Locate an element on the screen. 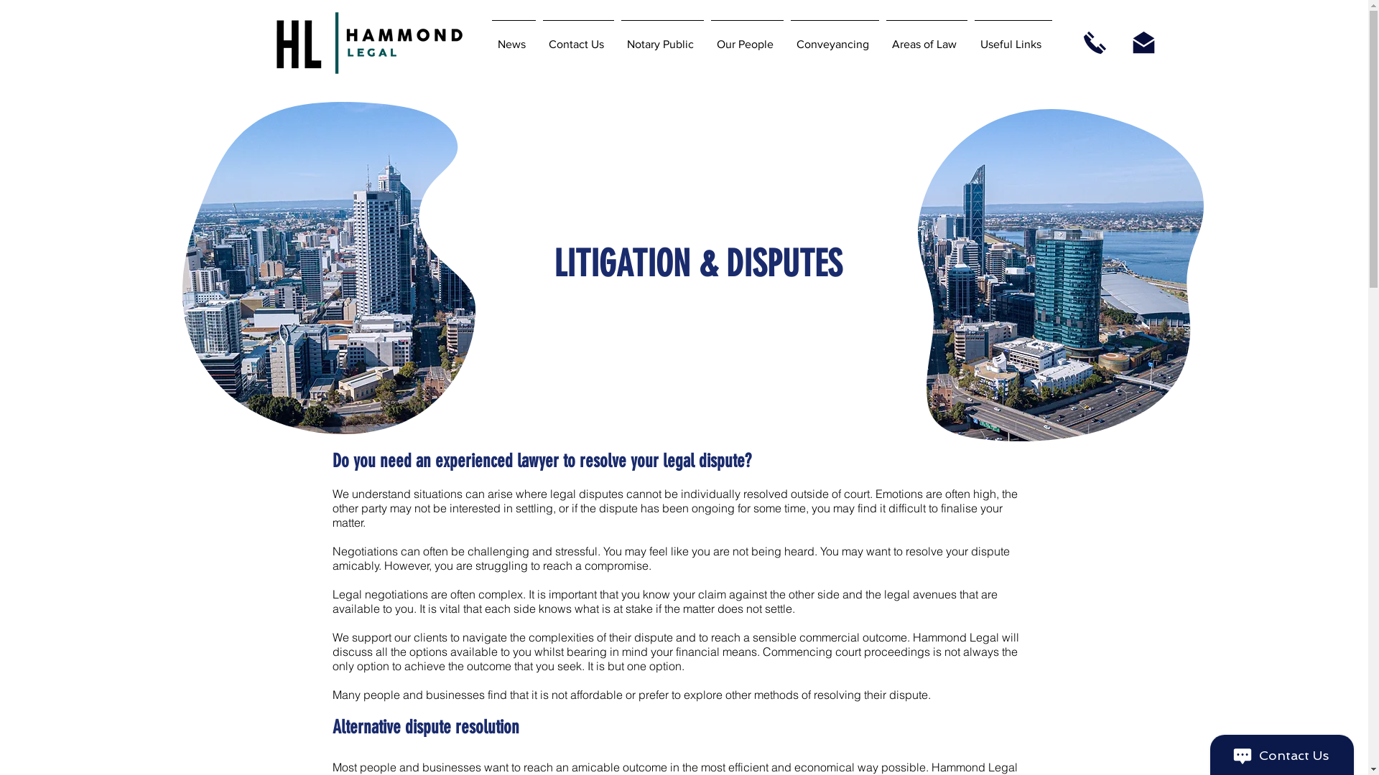 The image size is (1379, 775). 'News' is located at coordinates (514, 37).